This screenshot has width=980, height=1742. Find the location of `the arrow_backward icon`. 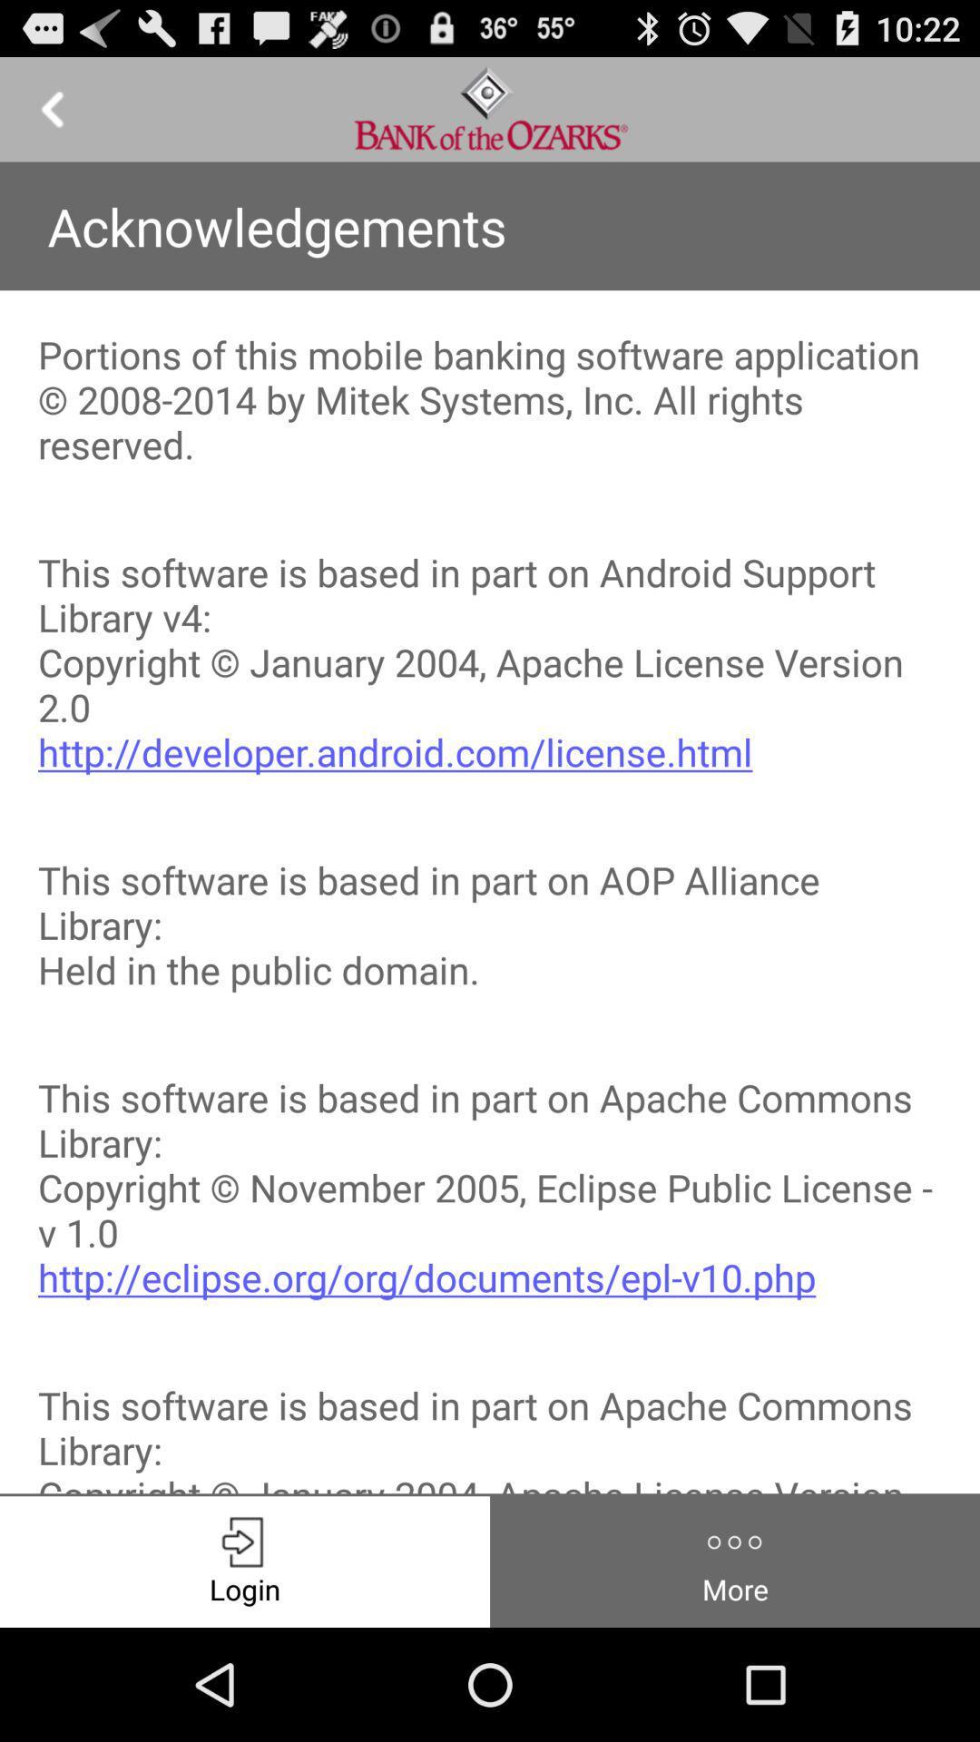

the arrow_backward icon is located at coordinates (51, 116).